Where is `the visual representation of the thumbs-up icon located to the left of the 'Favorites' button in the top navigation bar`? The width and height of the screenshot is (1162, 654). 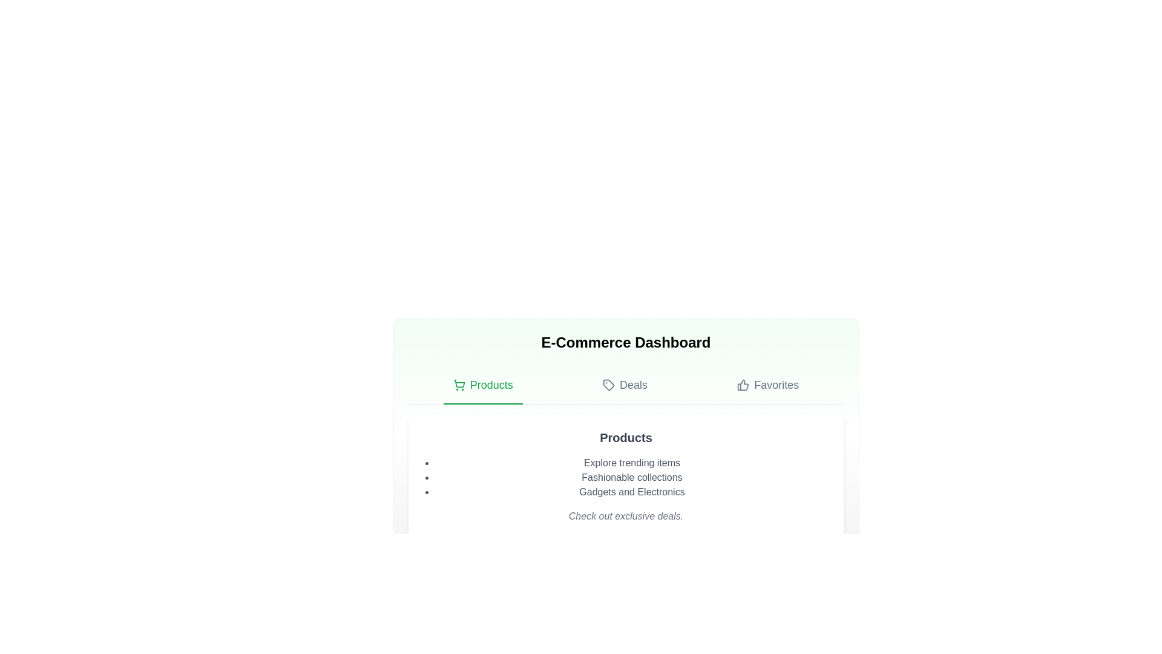
the visual representation of the thumbs-up icon located to the left of the 'Favorites' button in the top navigation bar is located at coordinates (743, 385).